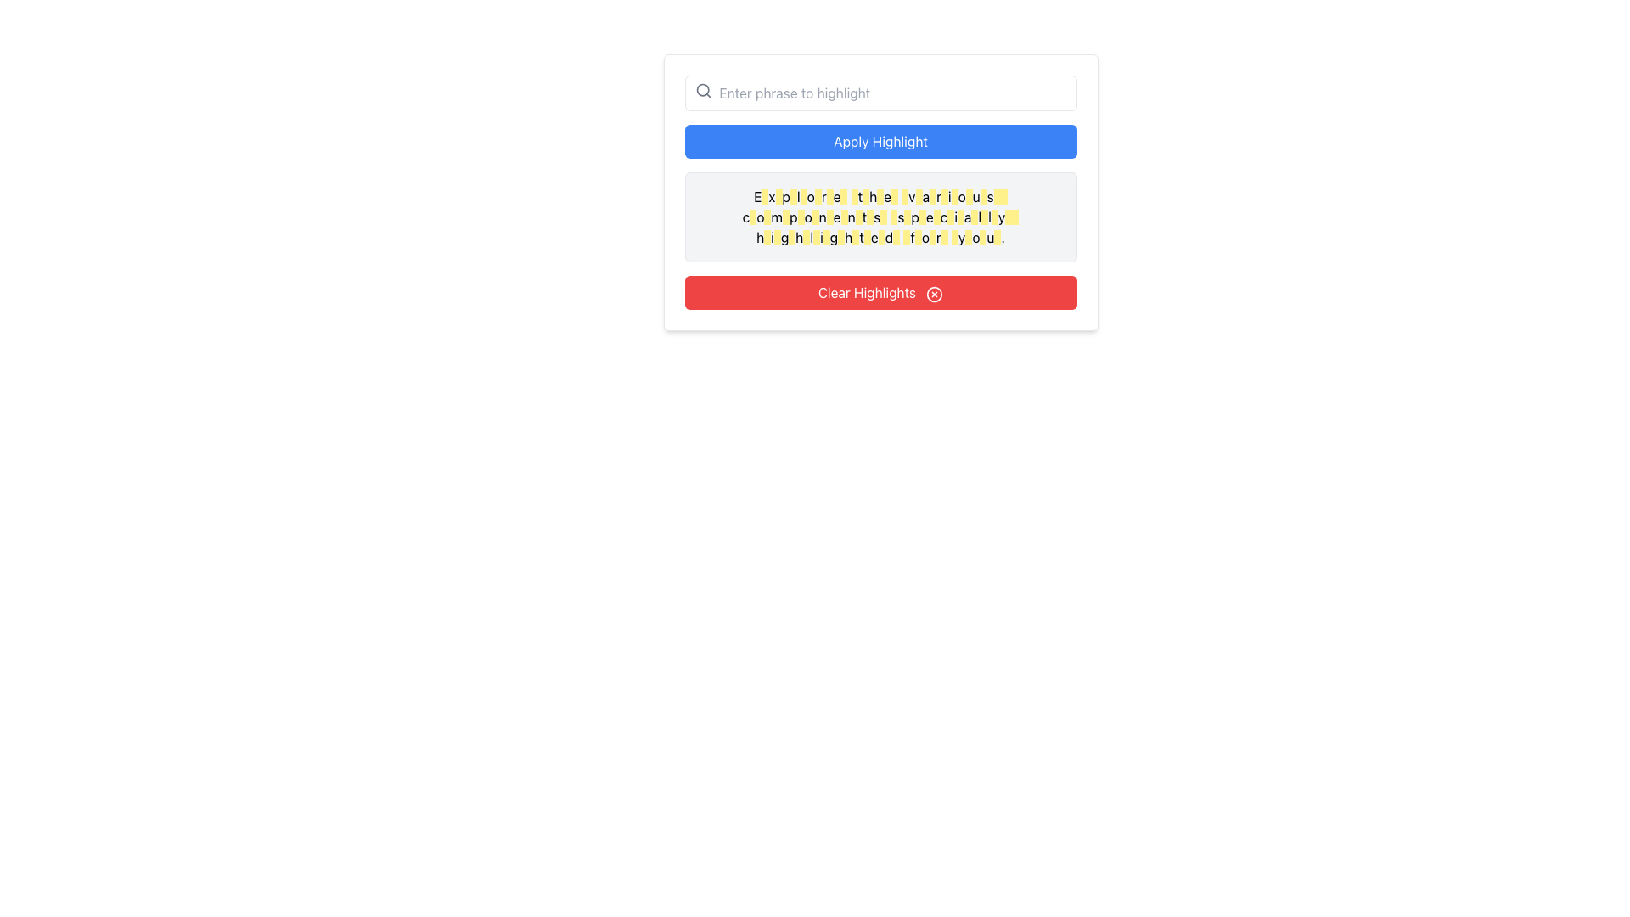 Image resolution: width=1630 pixels, height=917 pixels. I want to click on the eighth word highlighted in yellow in the second row of text, which is part of the instructional text beneath the blue button labeled 'Apply Highlight.', so click(844, 216).